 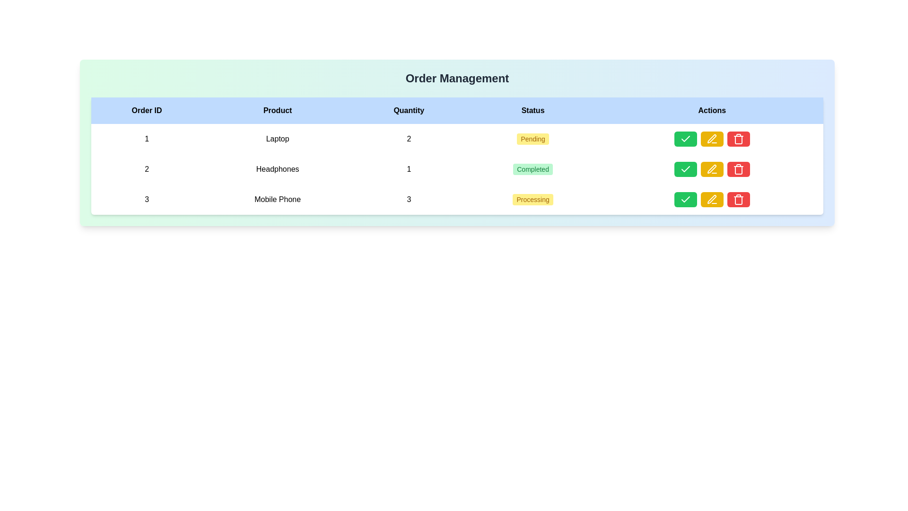 I want to click on the delete icon button in the 'Actions' column of the last row, so click(x=738, y=169).